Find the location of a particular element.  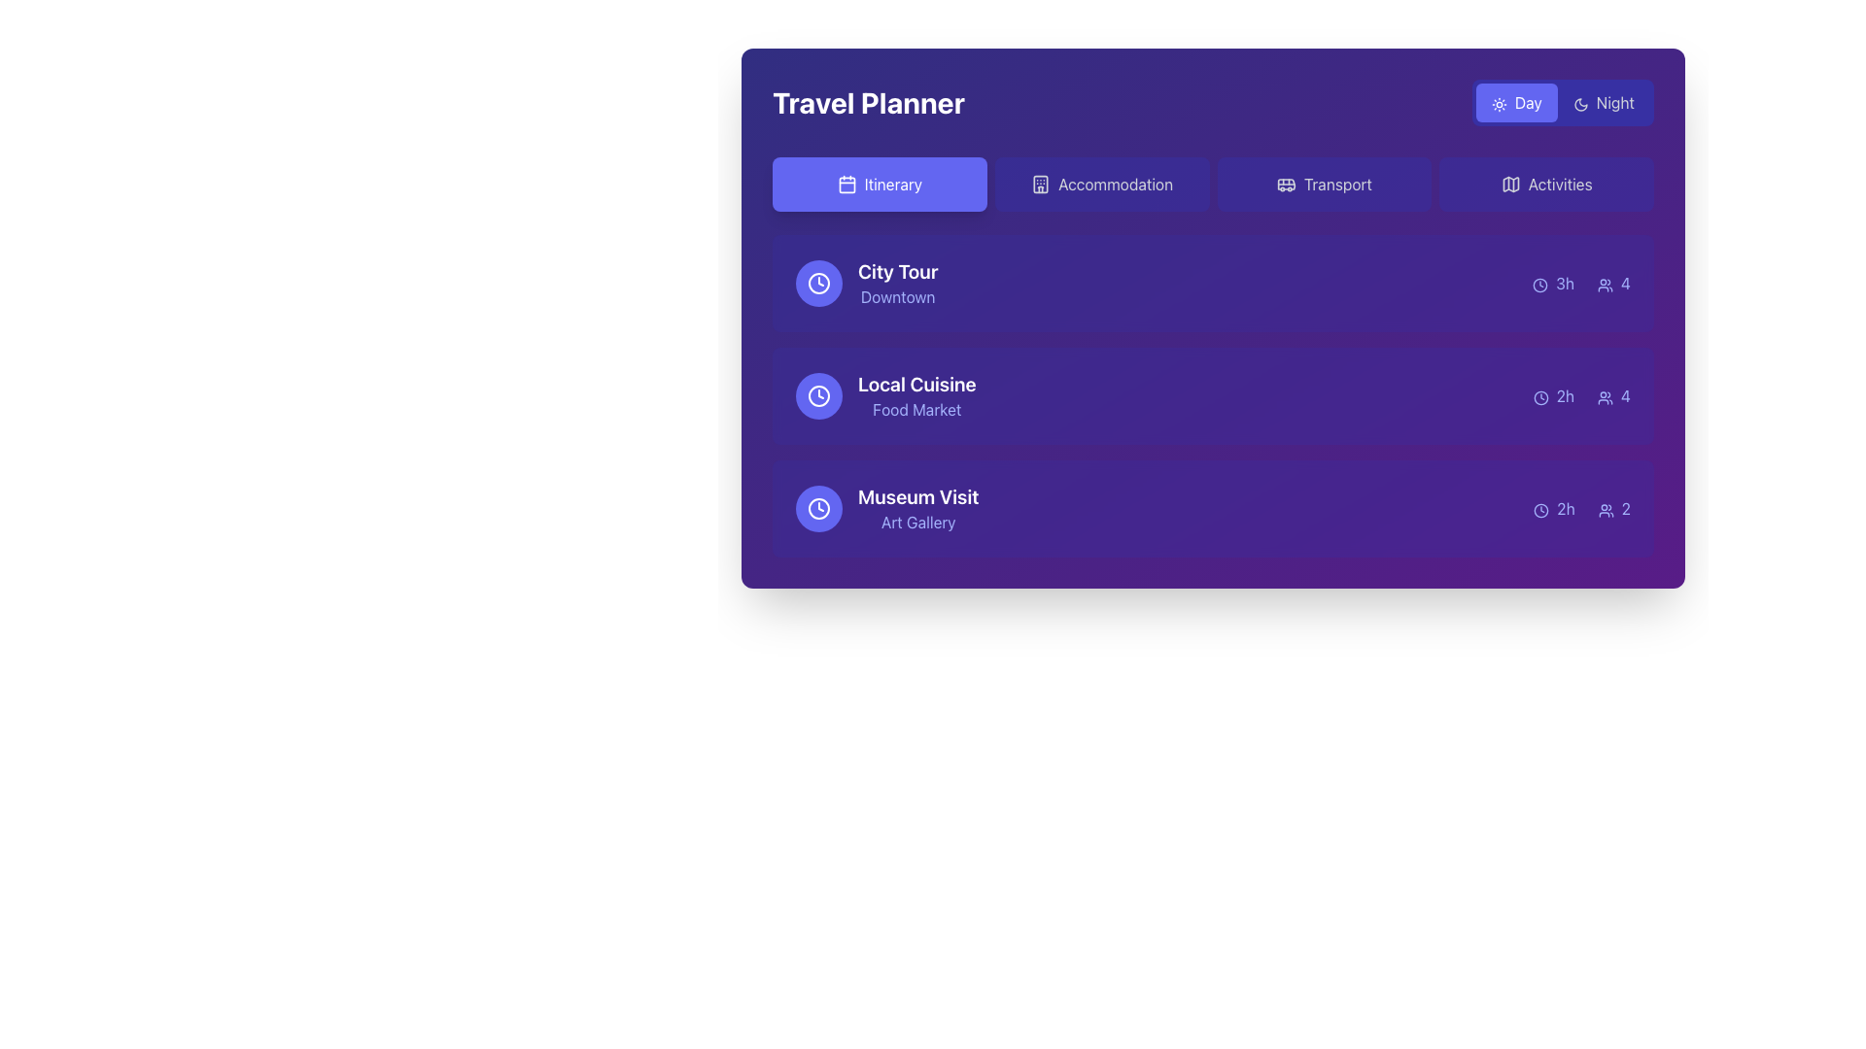

the 'Local Cuisine' list item is located at coordinates (884, 395).